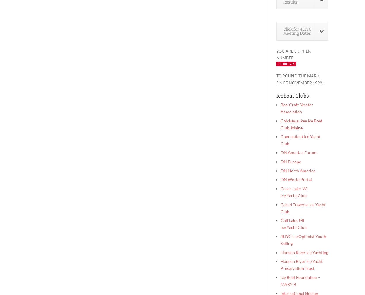  What do you see at coordinates (300, 140) in the screenshot?
I see `'Connecticut Ice Yacht Club'` at bounding box center [300, 140].